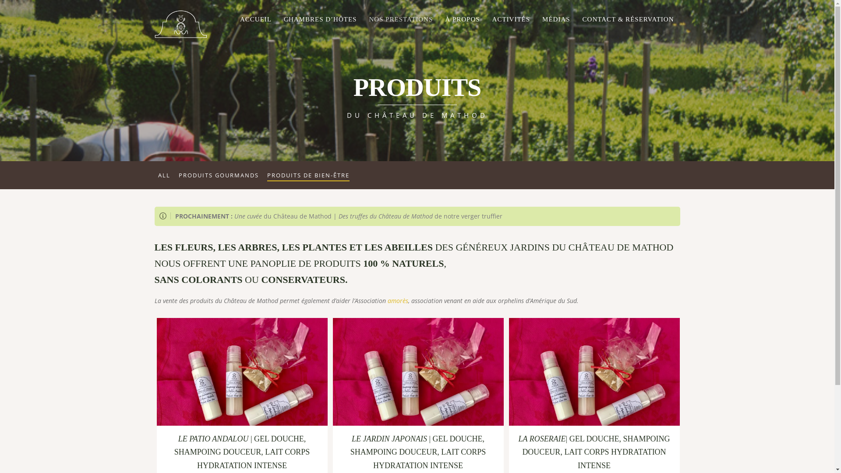  Describe the element at coordinates (255, 20) in the screenshot. I see `'ACCUEIL'` at that location.